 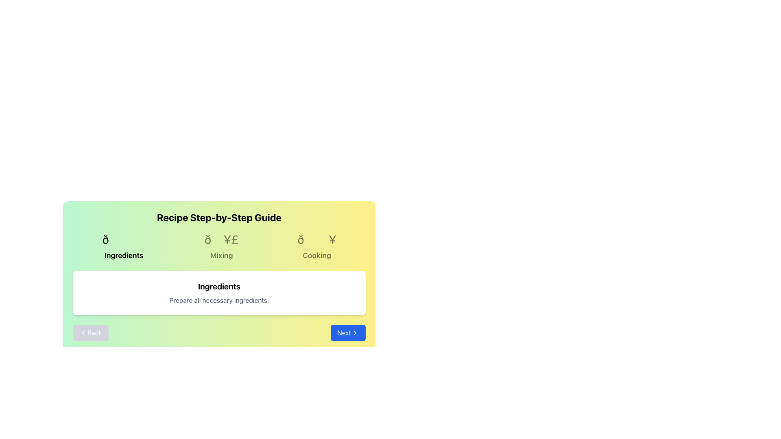 I want to click on the emoji-like element '🥣' located in the 'Mixing' section, centered at the top of the interface with a gradient background from green to yellow, so click(x=221, y=239).